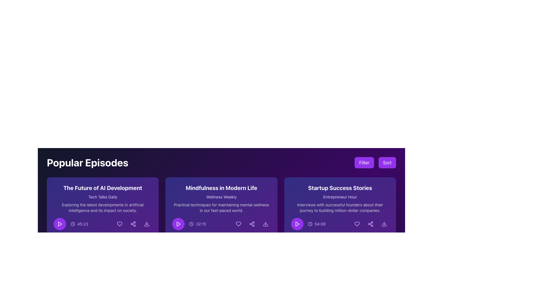 This screenshot has width=542, height=304. Describe the element at coordinates (252, 223) in the screenshot. I see `the share icon represented by a small graphic with dots connected by lines, located below the text 'Mindfulness in Modern Life' and positioned between the heart-shaped 'like' icon and the download icon` at that location.